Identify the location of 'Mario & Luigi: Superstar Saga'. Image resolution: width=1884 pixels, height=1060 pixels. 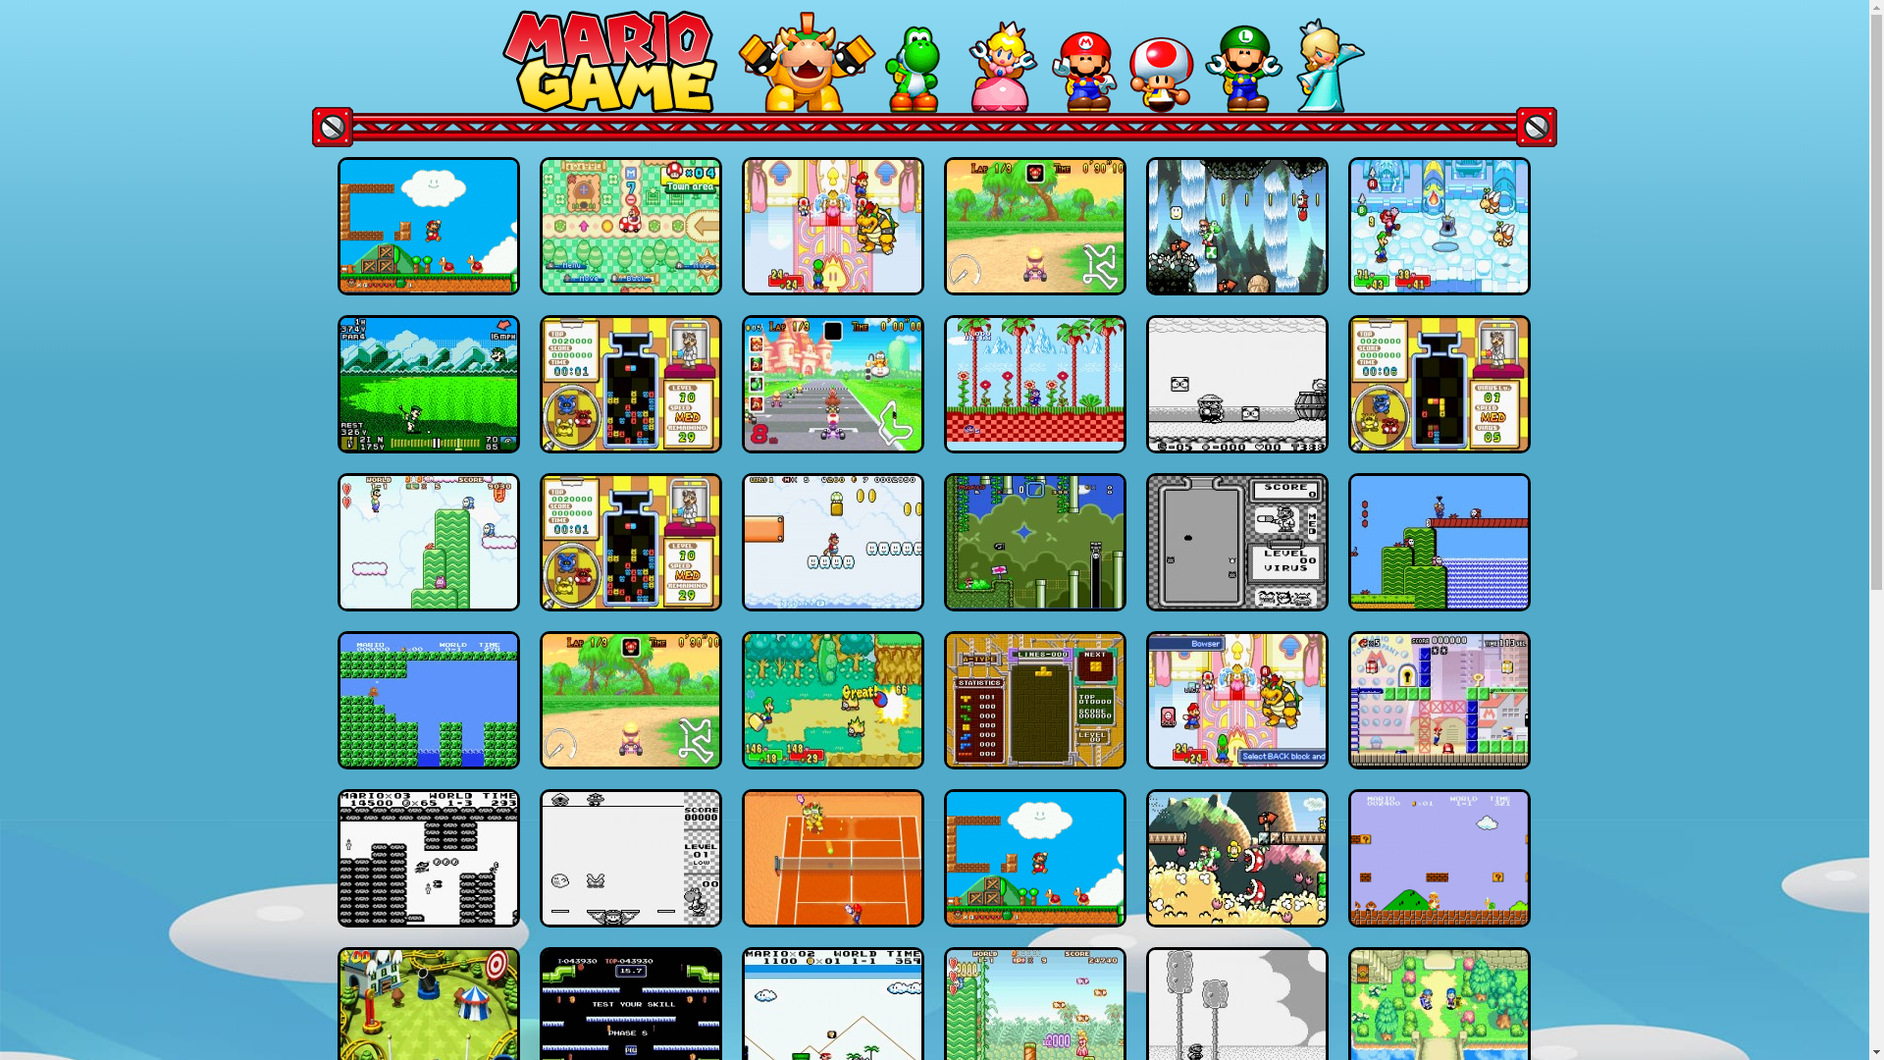
(1439, 223).